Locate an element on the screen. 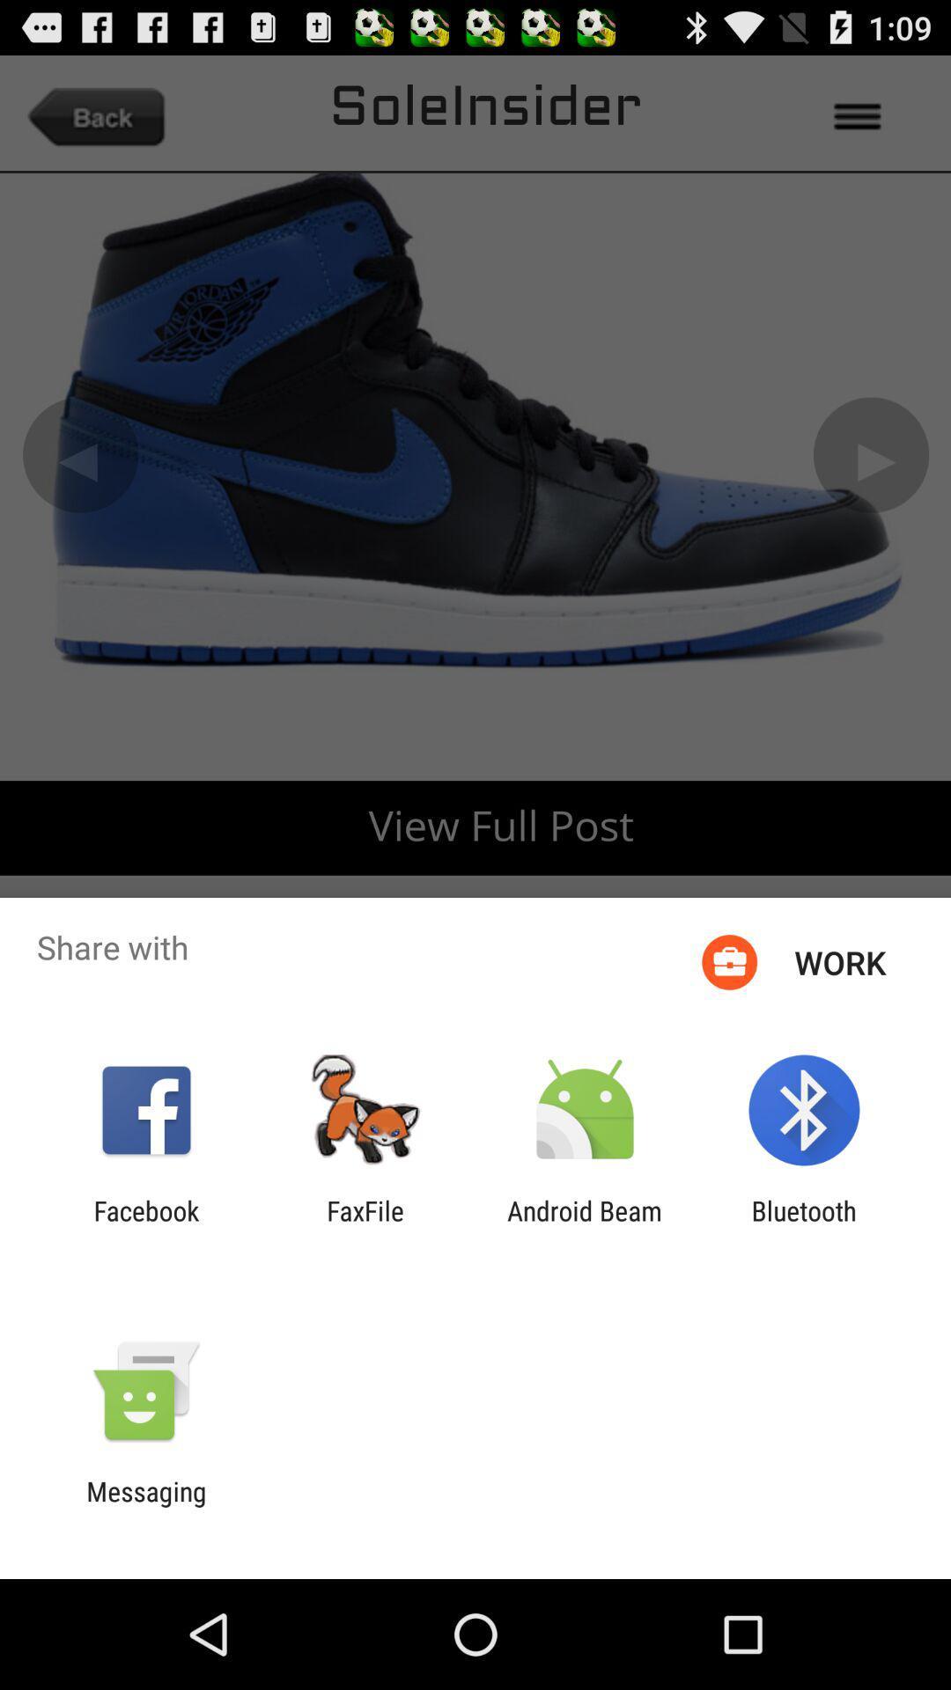  the messaging is located at coordinates (145, 1506).